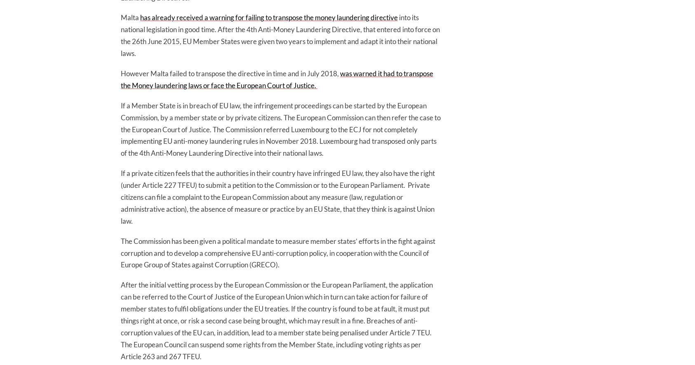  I want to click on 'was warned it had to transpose the Money laundering laws or face the European Court of Justice.', so click(277, 79).